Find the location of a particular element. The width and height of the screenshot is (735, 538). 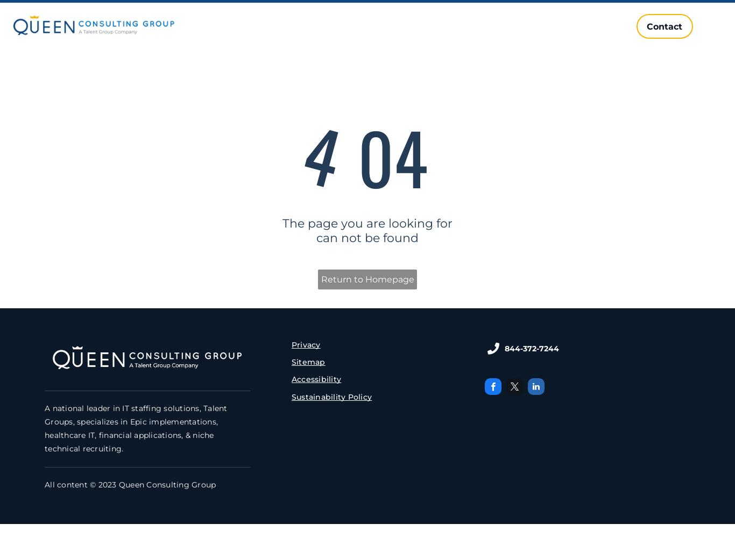

'Privacy' is located at coordinates (305, 345).